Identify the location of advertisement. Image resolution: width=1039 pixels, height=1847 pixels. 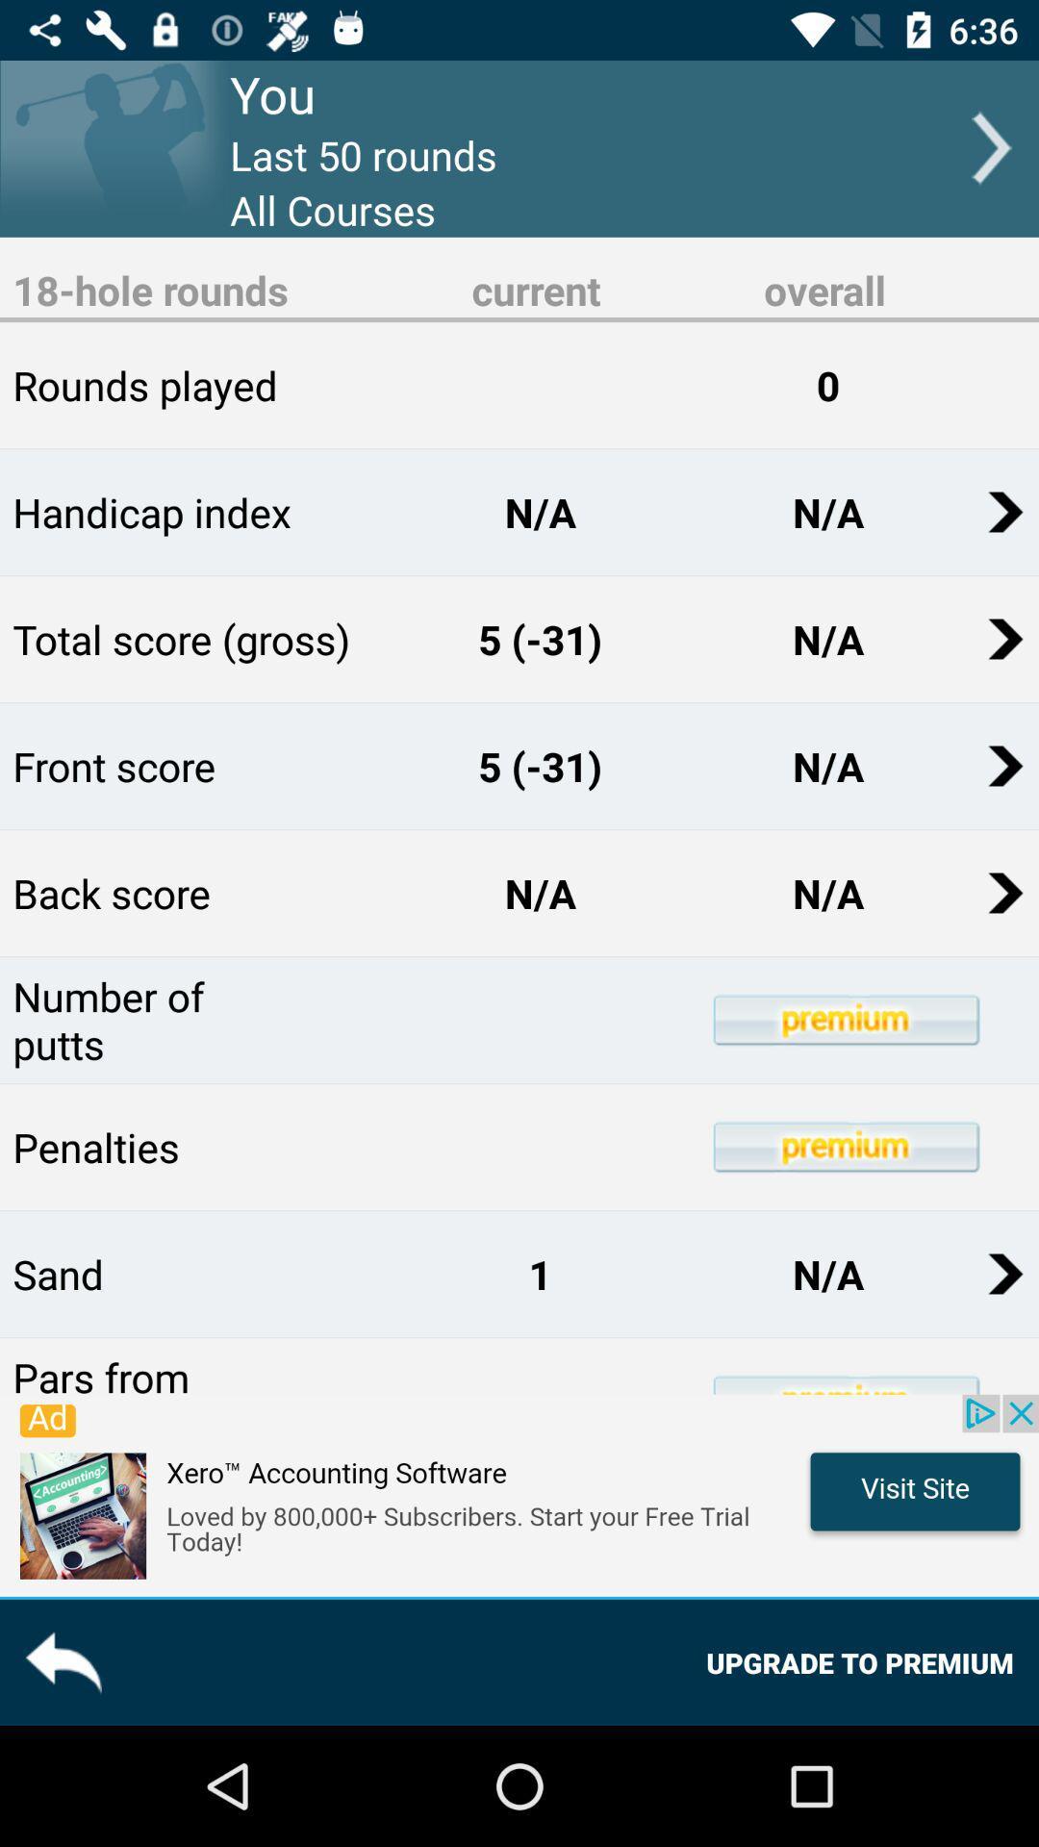
(519, 1494).